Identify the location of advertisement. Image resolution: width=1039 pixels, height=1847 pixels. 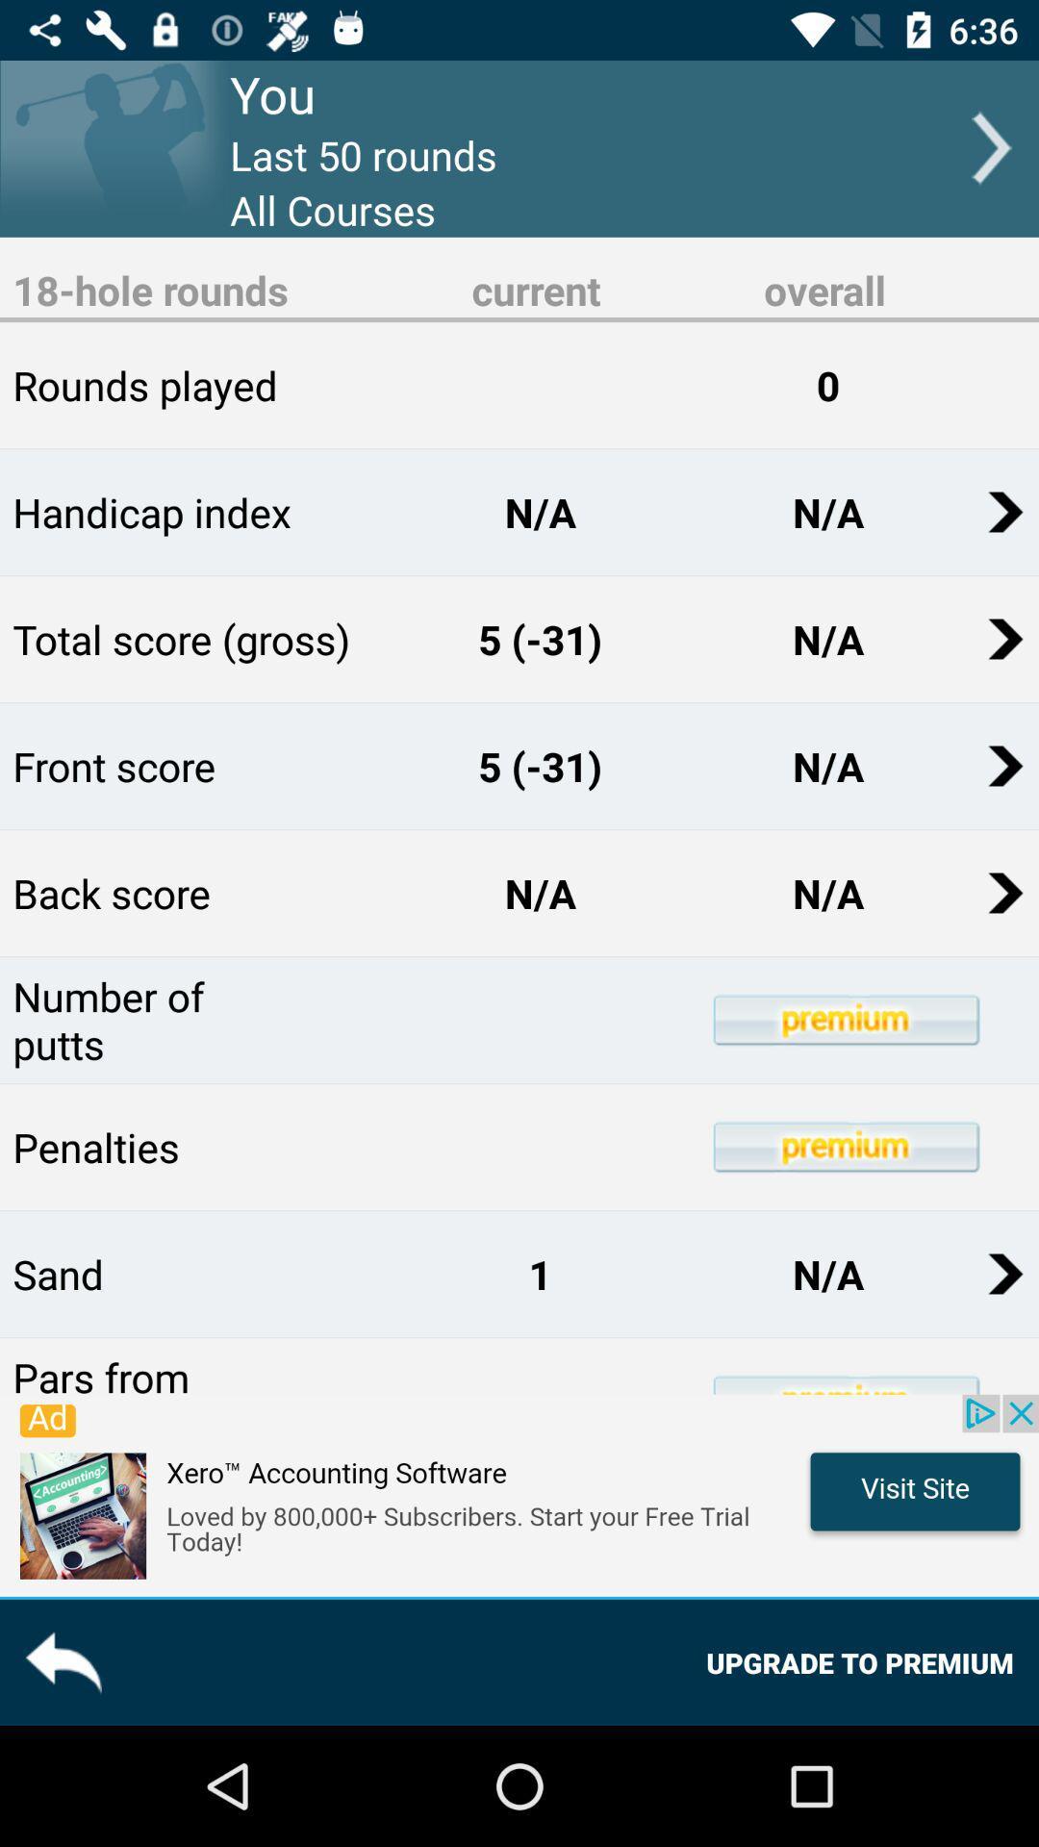
(519, 1494).